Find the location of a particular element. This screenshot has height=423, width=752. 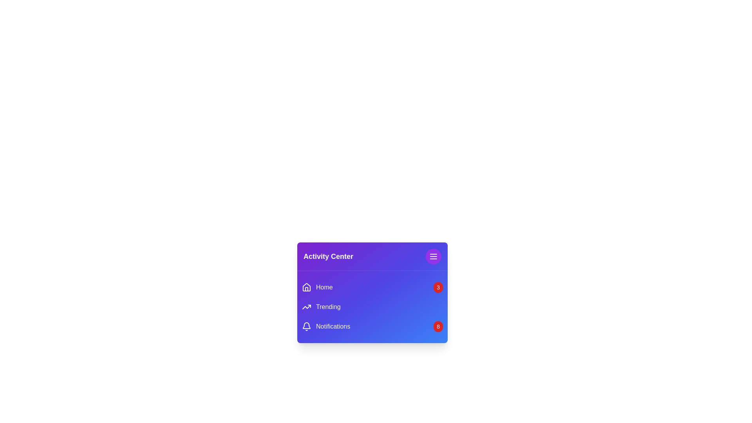

the menu item Notifications to observe hover effects is located at coordinates (325, 326).